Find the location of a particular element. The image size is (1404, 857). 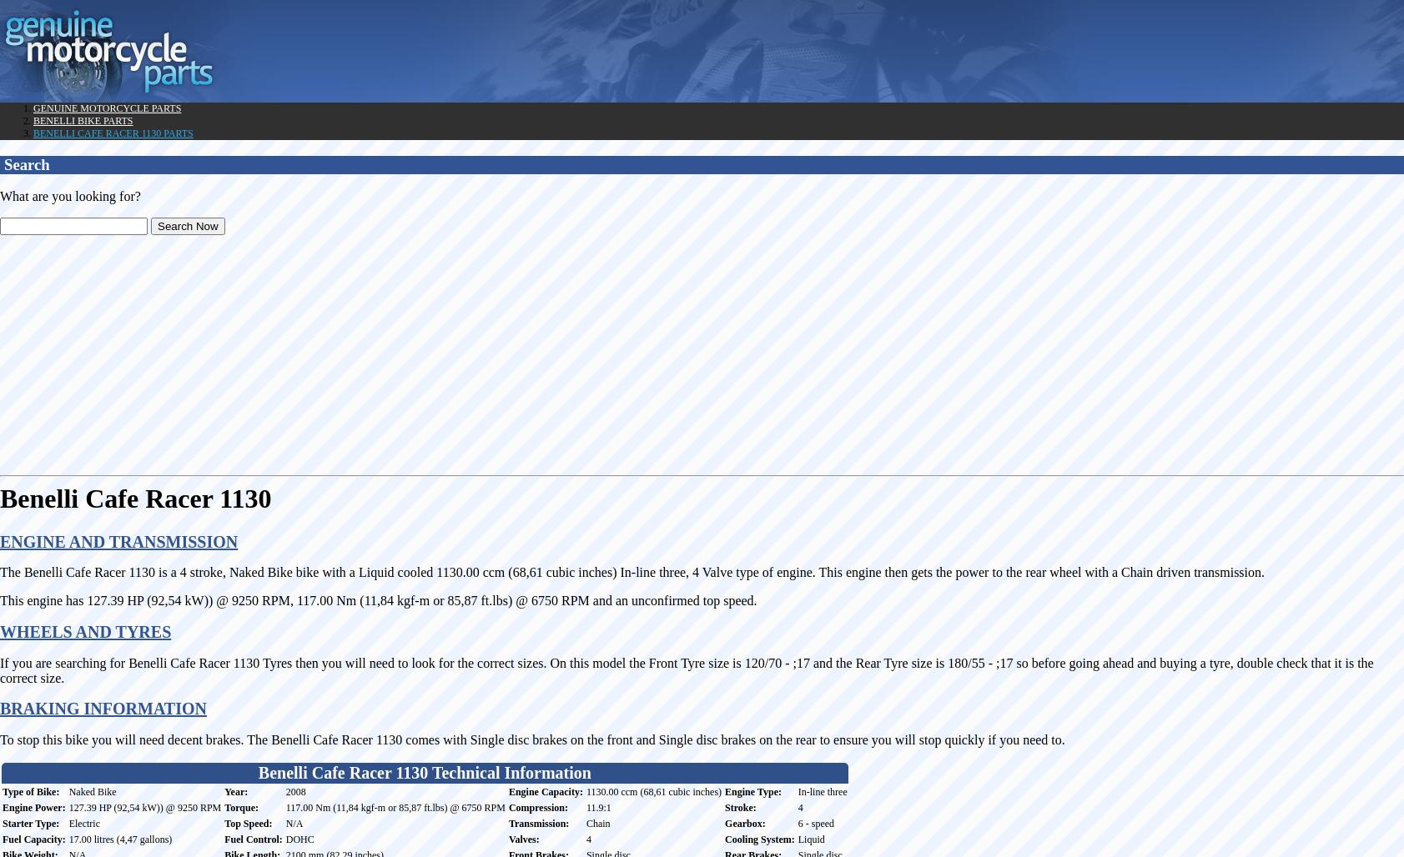

'Genuine Motorcycle Parts' is located at coordinates (106, 108).